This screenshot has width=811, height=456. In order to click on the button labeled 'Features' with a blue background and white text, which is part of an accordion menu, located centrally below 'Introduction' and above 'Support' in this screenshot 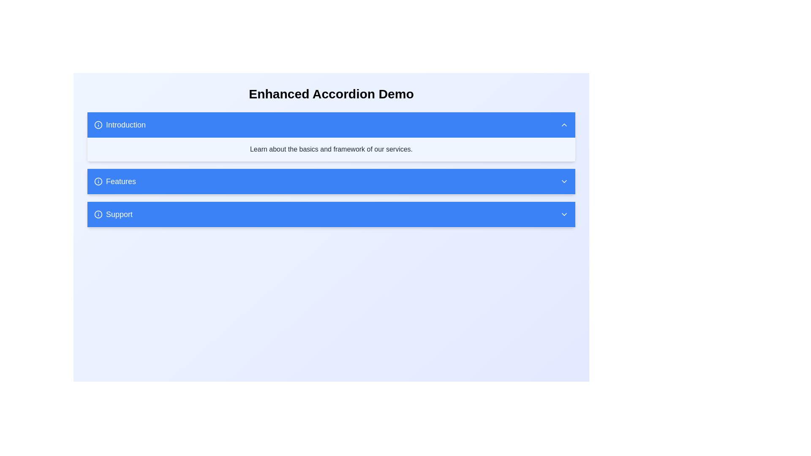, I will do `click(114, 181)`.